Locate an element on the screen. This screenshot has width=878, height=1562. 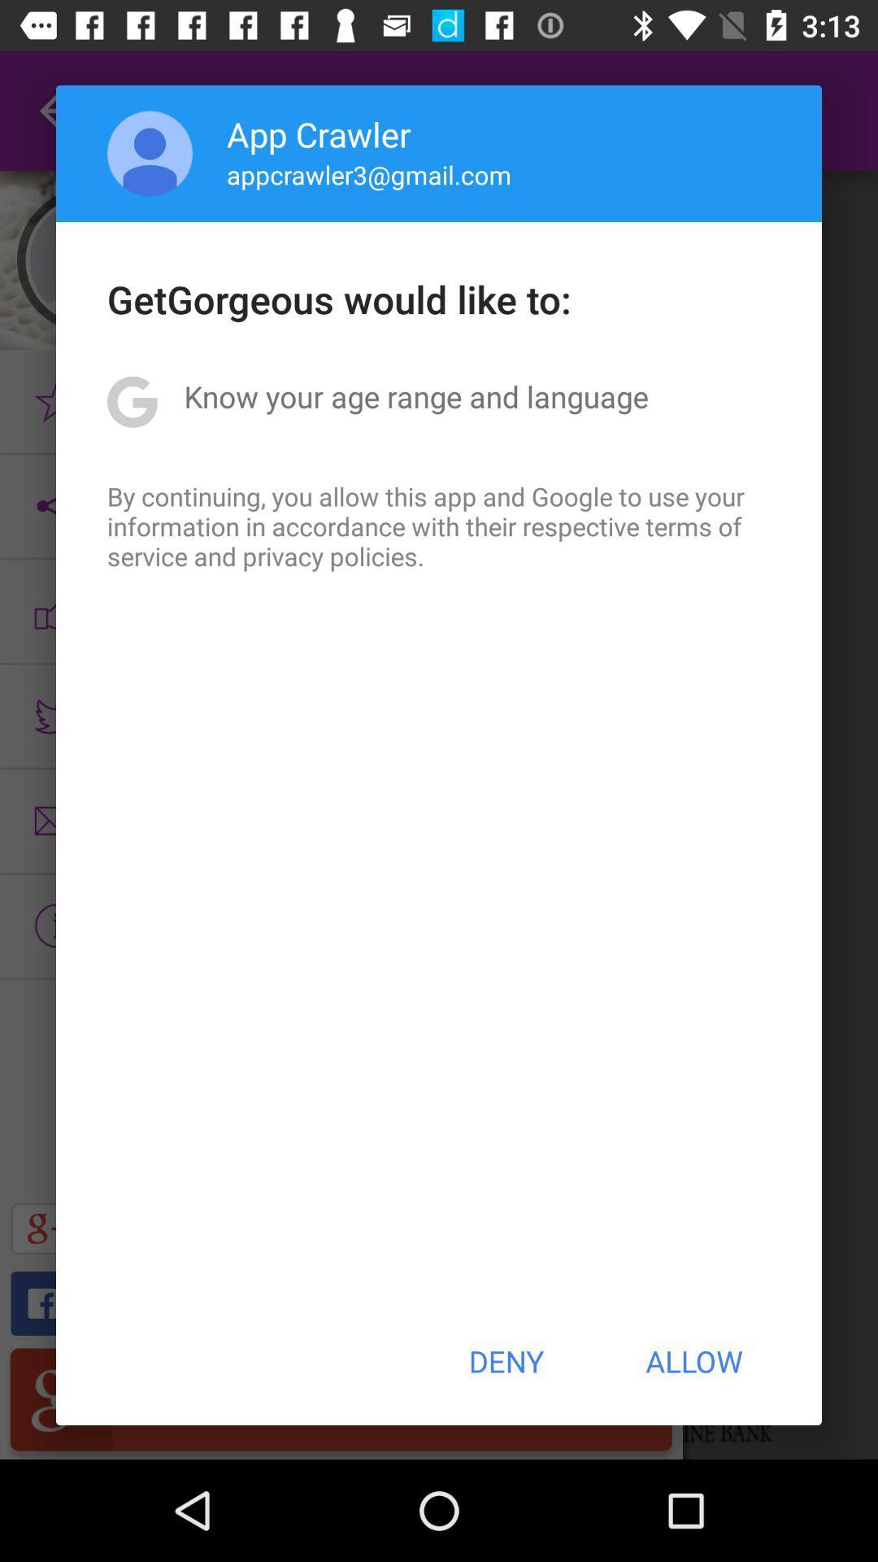
icon above getgorgeous would like item is located at coordinates (369, 174).